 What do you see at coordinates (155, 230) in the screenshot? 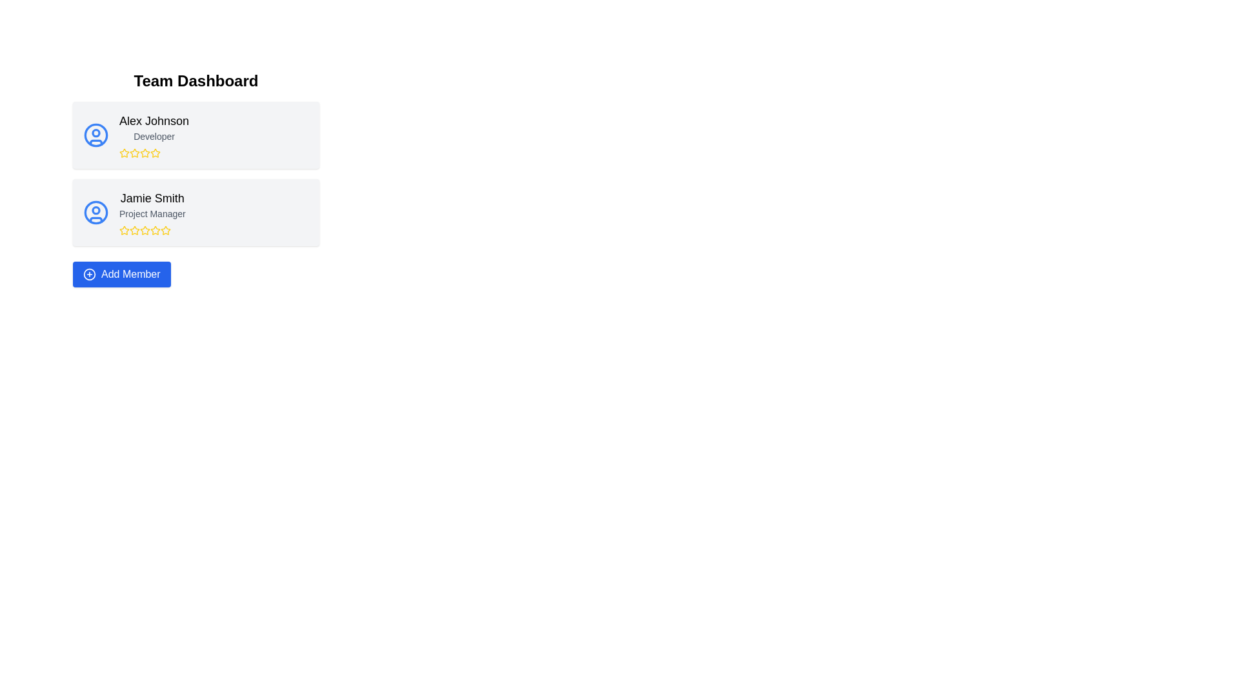
I see `the fourth star icon representing a rating for 'Jamie Smith' in the Team Dashboard, located below the header and next to the Add Member button` at bounding box center [155, 230].